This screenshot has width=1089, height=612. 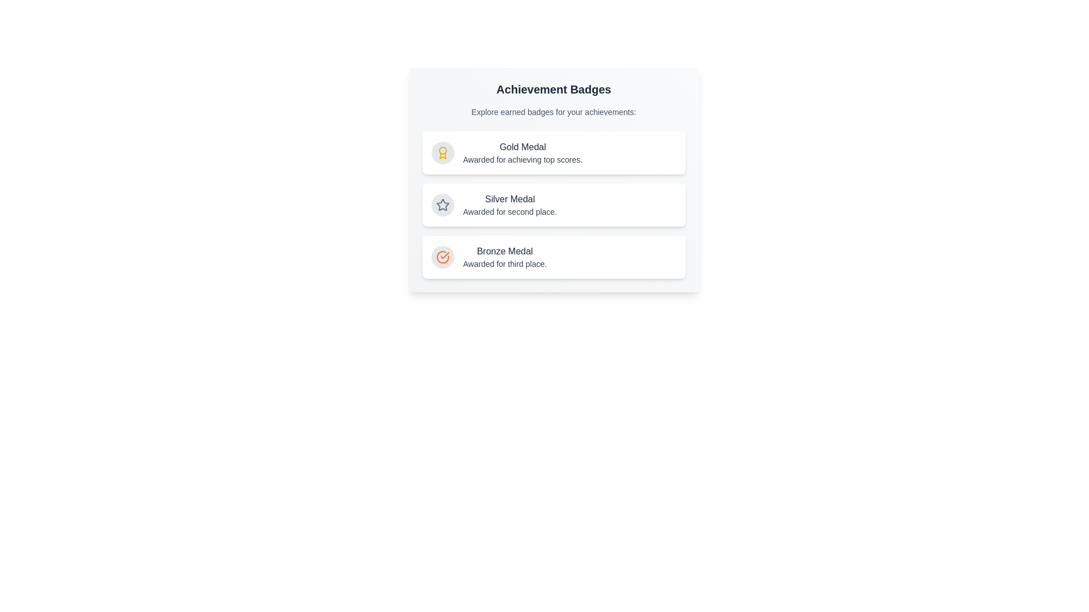 What do you see at coordinates (554, 112) in the screenshot?
I see `the instructional text label that reads 'Explore earned badges for your achievements:' located directly under the heading 'Achievement Badges.'` at bounding box center [554, 112].